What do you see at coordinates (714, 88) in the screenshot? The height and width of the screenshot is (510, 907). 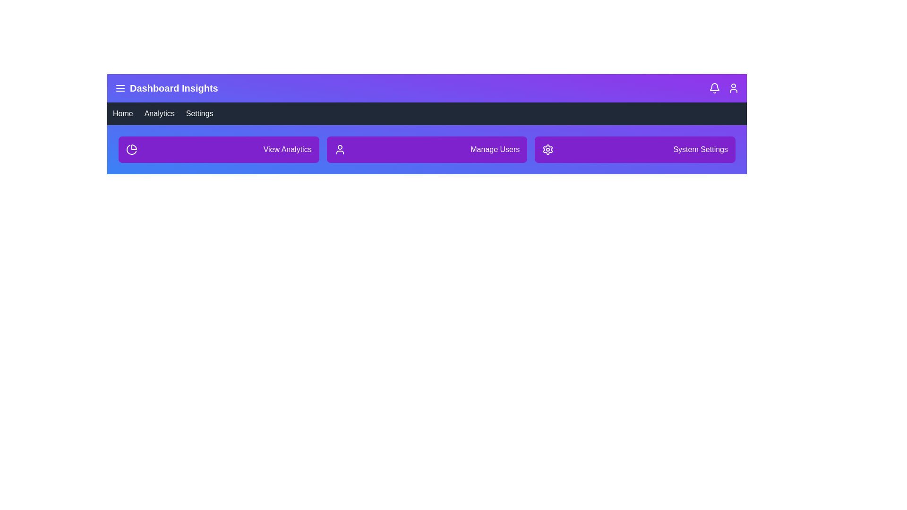 I see `the notification icon in the header` at bounding box center [714, 88].